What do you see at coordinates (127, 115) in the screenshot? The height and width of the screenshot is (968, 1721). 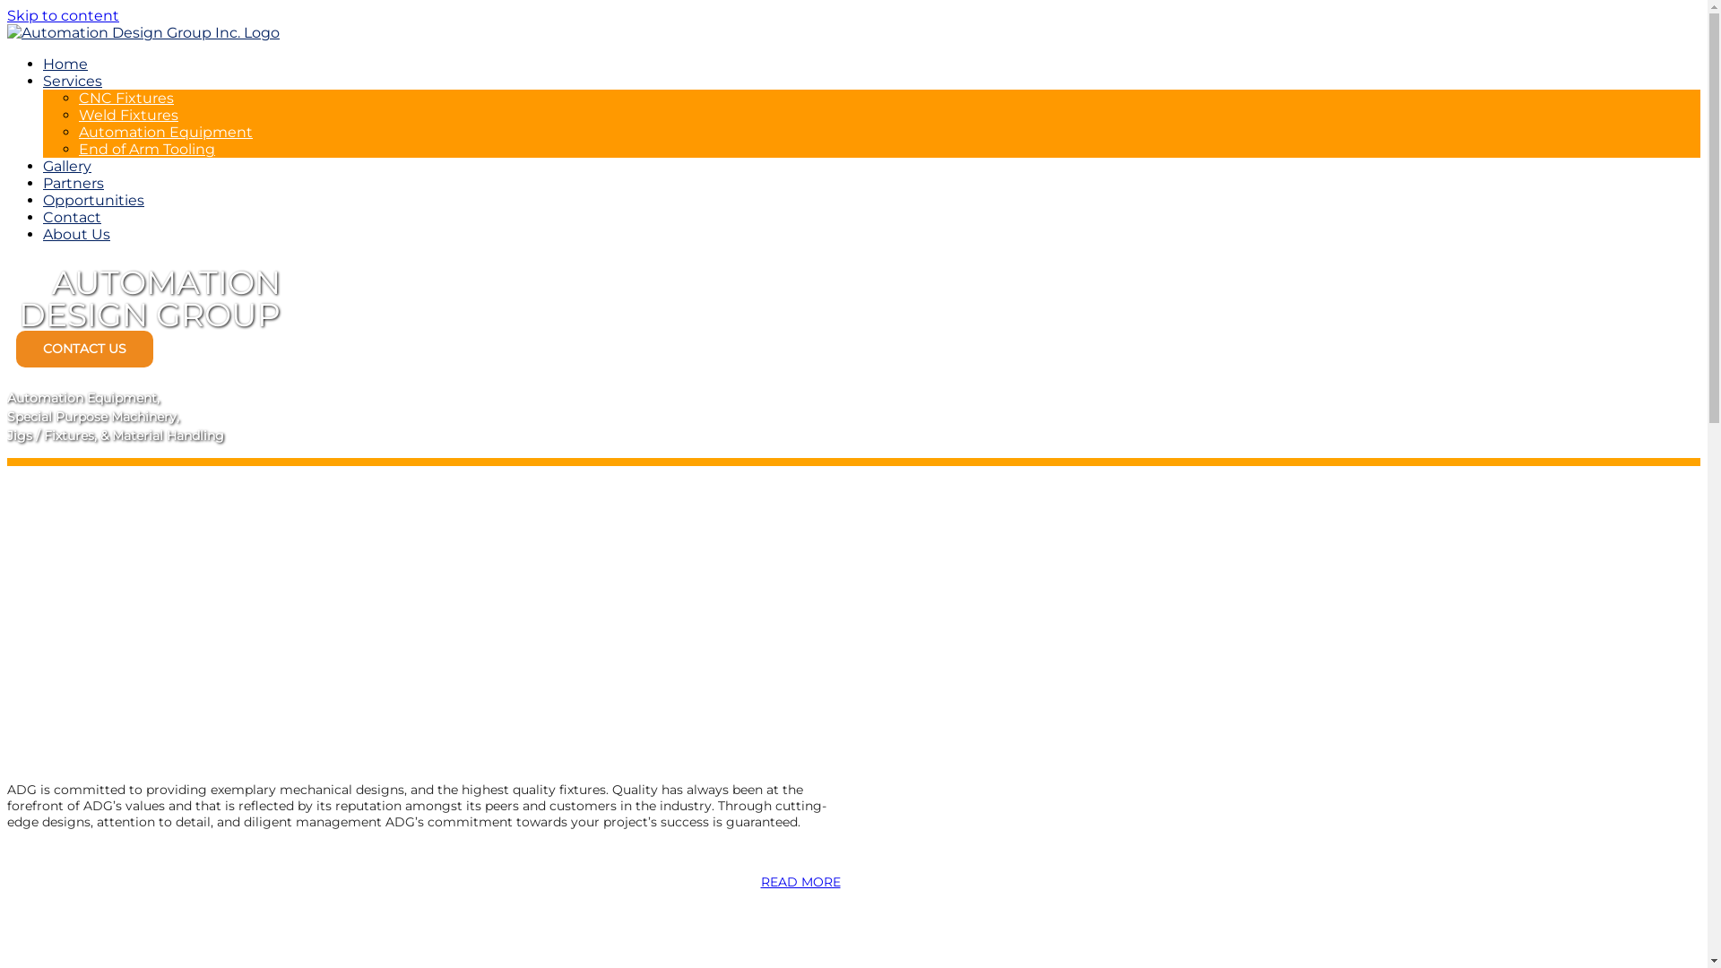 I see `'Weld Fixtures'` at bounding box center [127, 115].